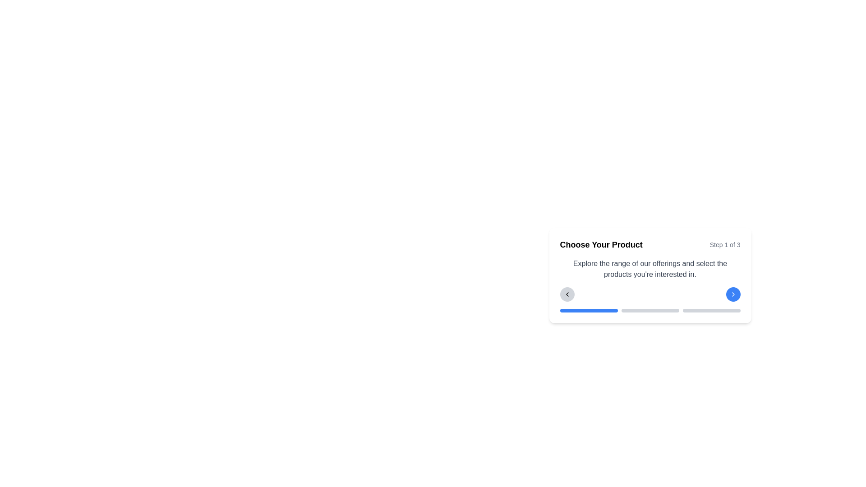 The height and width of the screenshot is (487, 866). I want to click on the informational text block that serves as a header for a step in a multi-step process, providing guidance to the user, so click(650, 275).